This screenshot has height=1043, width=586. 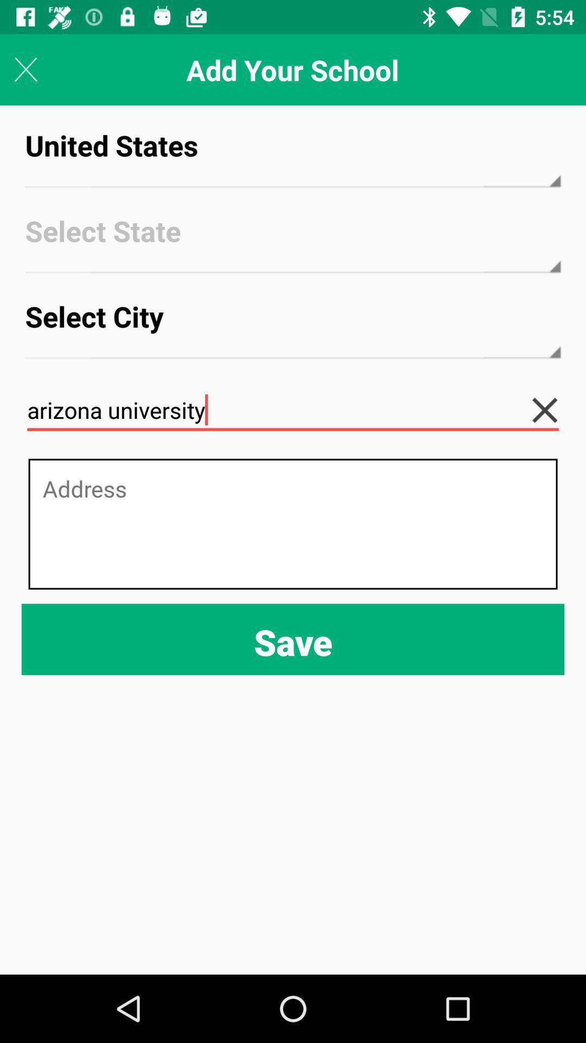 What do you see at coordinates (293, 155) in the screenshot?
I see `icon below the add your school icon` at bounding box center [293, 155].